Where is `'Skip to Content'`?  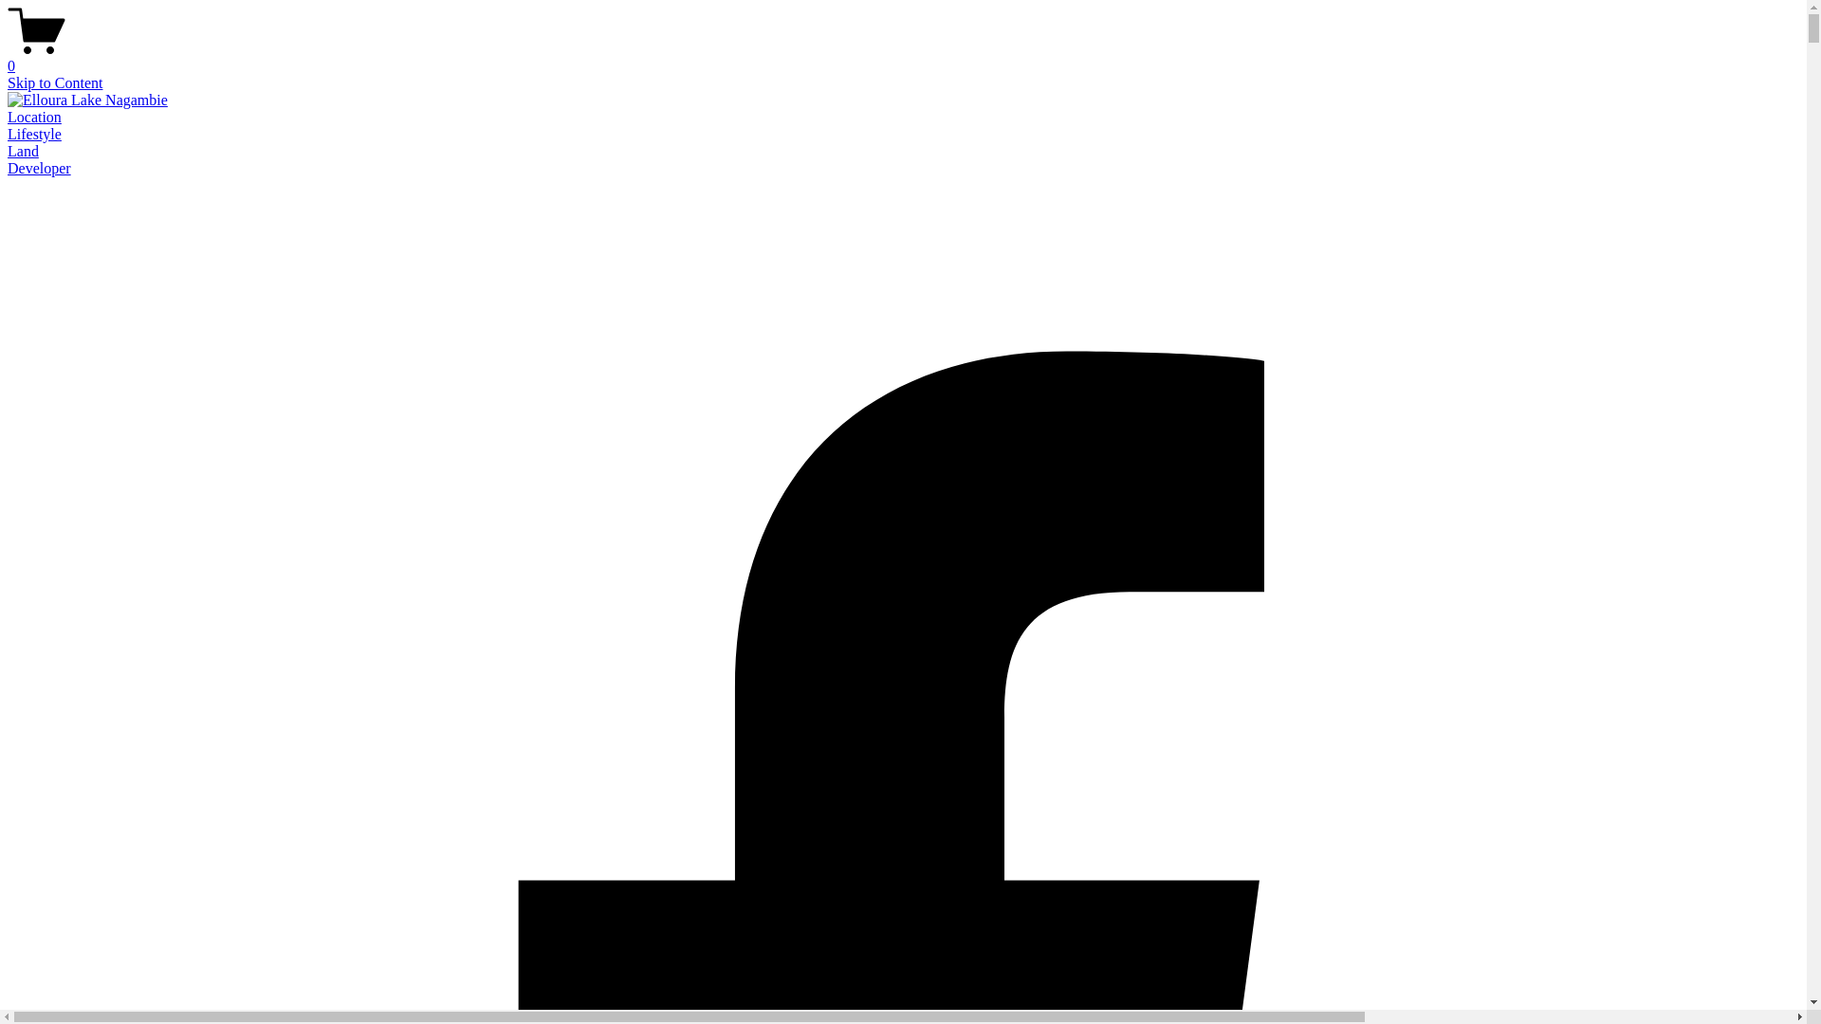
'Skip to Content' is located at coordinates (54, 82).